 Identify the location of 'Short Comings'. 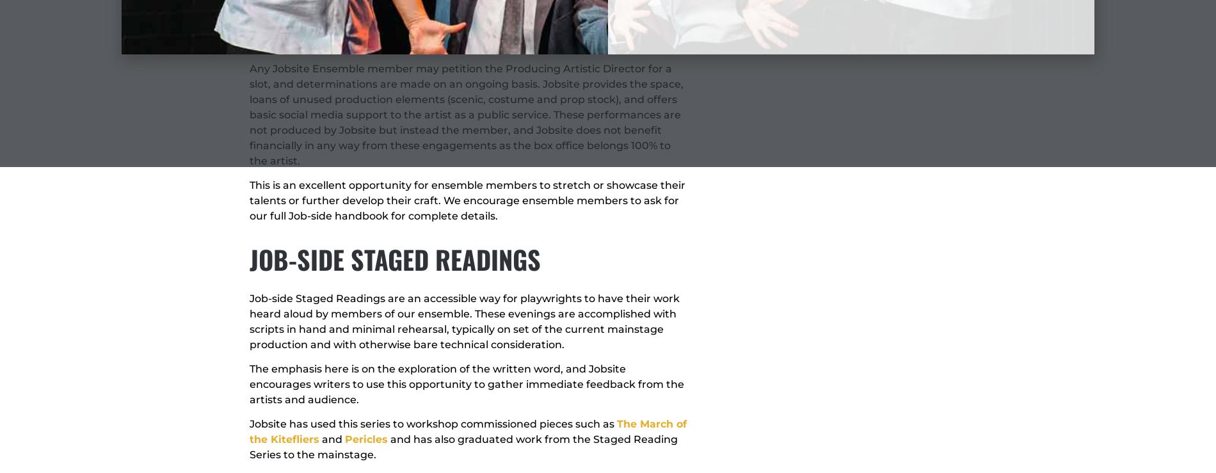
(372, 12).